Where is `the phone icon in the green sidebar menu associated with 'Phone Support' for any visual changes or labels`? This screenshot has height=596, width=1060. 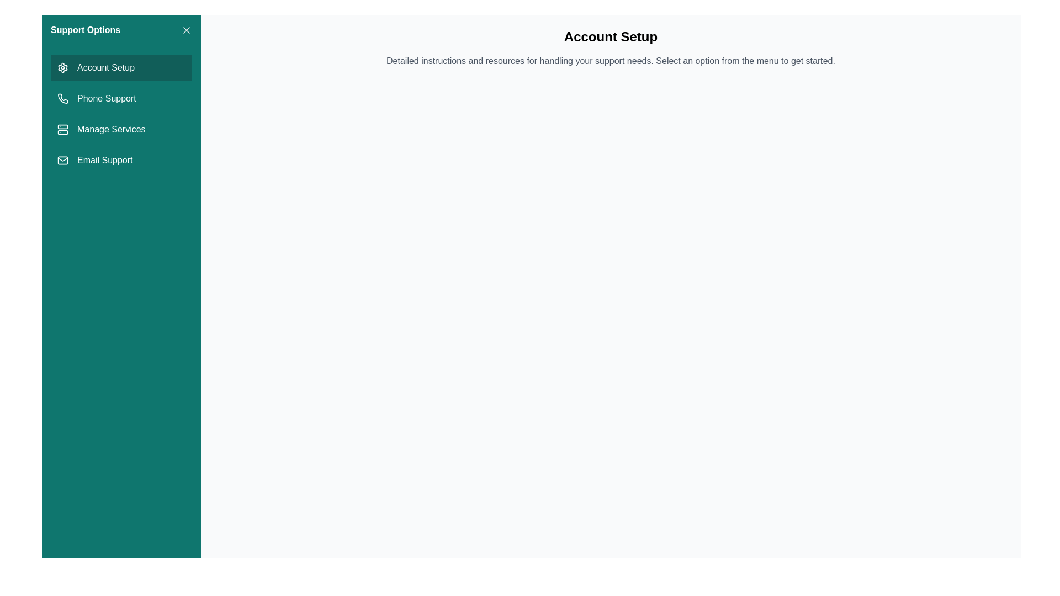 the phone icon in the green sidebar menu associated with 'Phone Support' for any visual changes or labels is located at coordinates (62, 98).